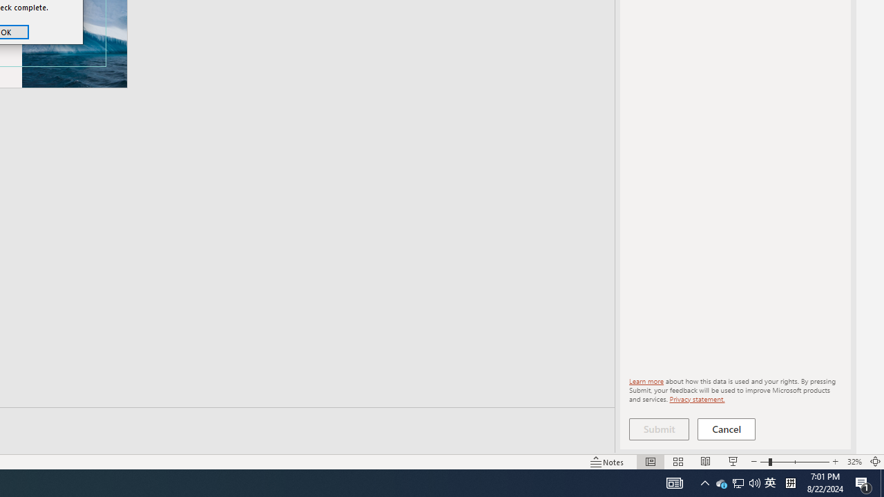 The height and width of the screenshot is (497, 884). Describe the element at coordinates (697, 398) in the screenshot. I see `'Privacy statement.'` at that location.